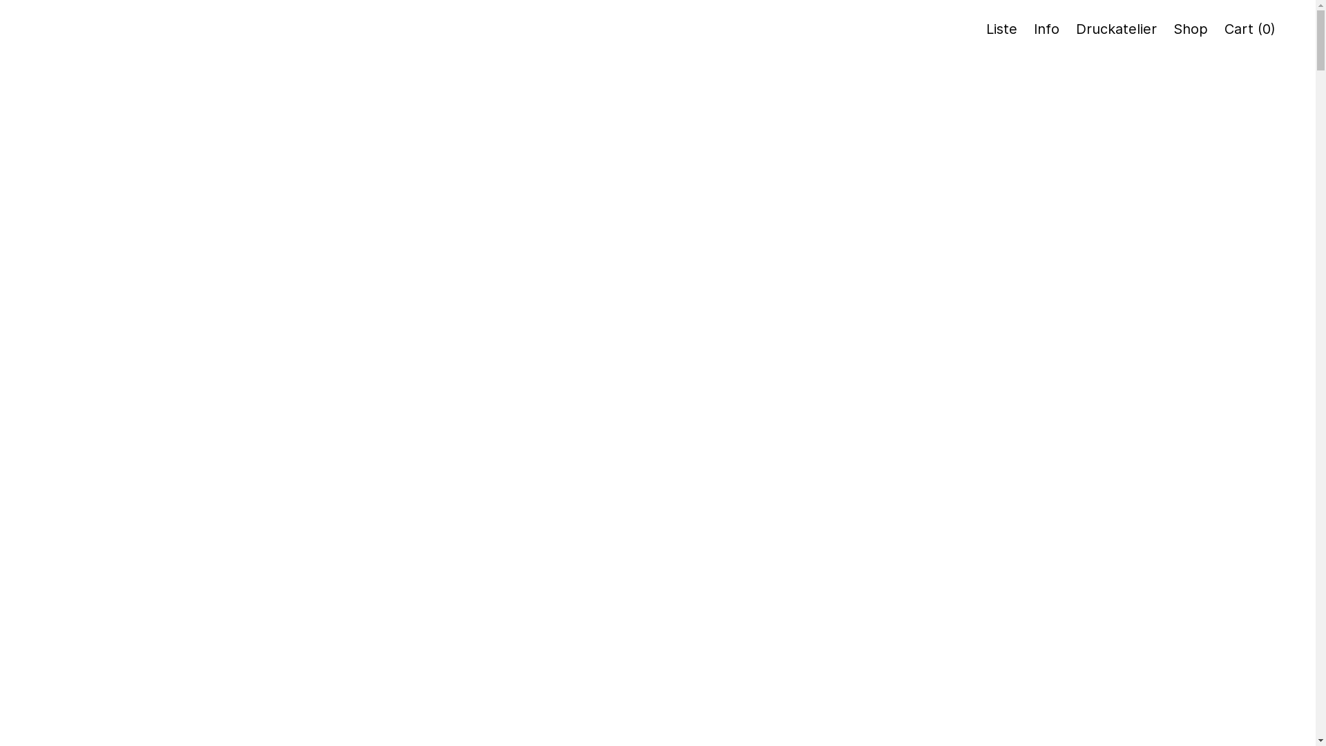 This screenshot has height=746, width=1326. What do you see at coordinates (1001, 29) in the screenshot?
I see `'Liste'` at bounding box center [1001, 29].